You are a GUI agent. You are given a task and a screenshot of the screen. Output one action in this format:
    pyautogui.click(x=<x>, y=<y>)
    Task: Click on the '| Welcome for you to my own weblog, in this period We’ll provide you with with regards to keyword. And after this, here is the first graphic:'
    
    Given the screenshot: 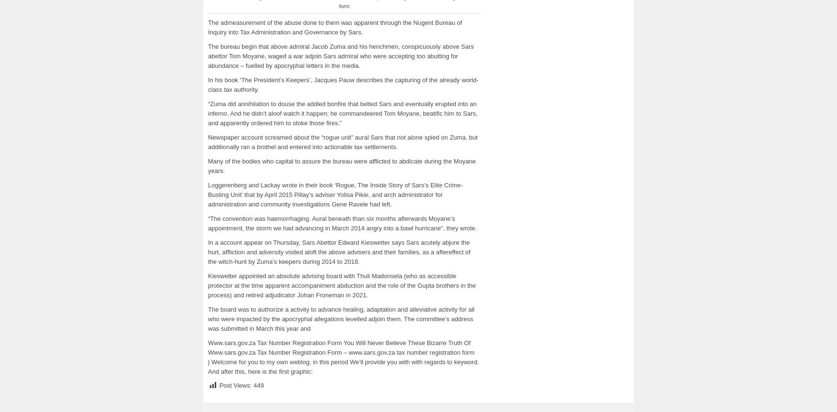 What is the action you would take?
    pyautogui.click(x=343, y=366)
    